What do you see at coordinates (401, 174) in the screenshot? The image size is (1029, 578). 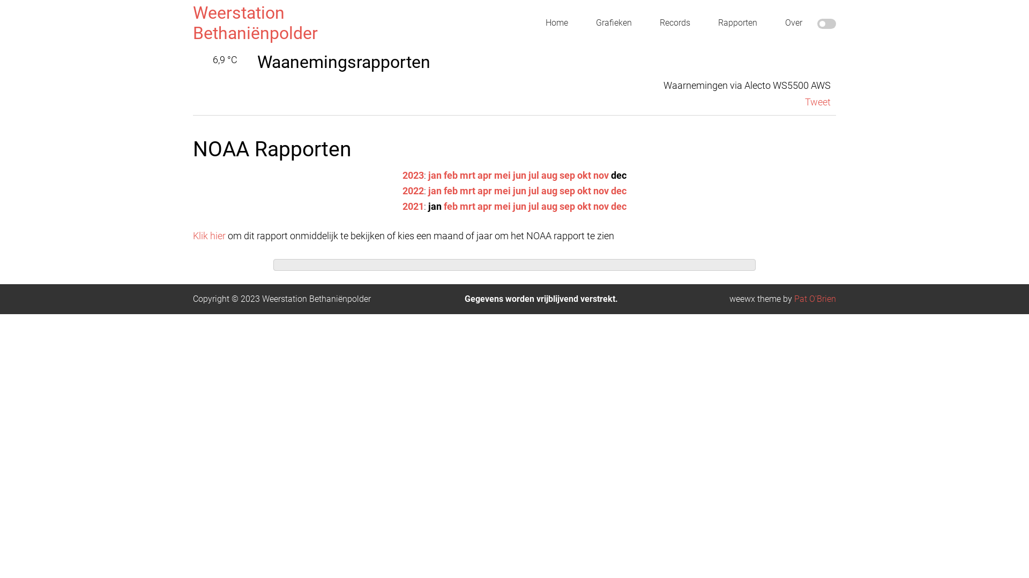 I see `'2023'` at bounding box center [401, 174].